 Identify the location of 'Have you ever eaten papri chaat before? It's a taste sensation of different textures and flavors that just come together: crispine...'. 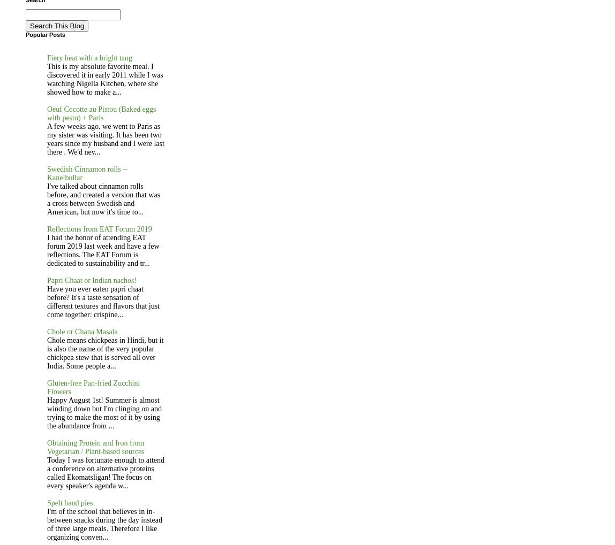
(103, 301).